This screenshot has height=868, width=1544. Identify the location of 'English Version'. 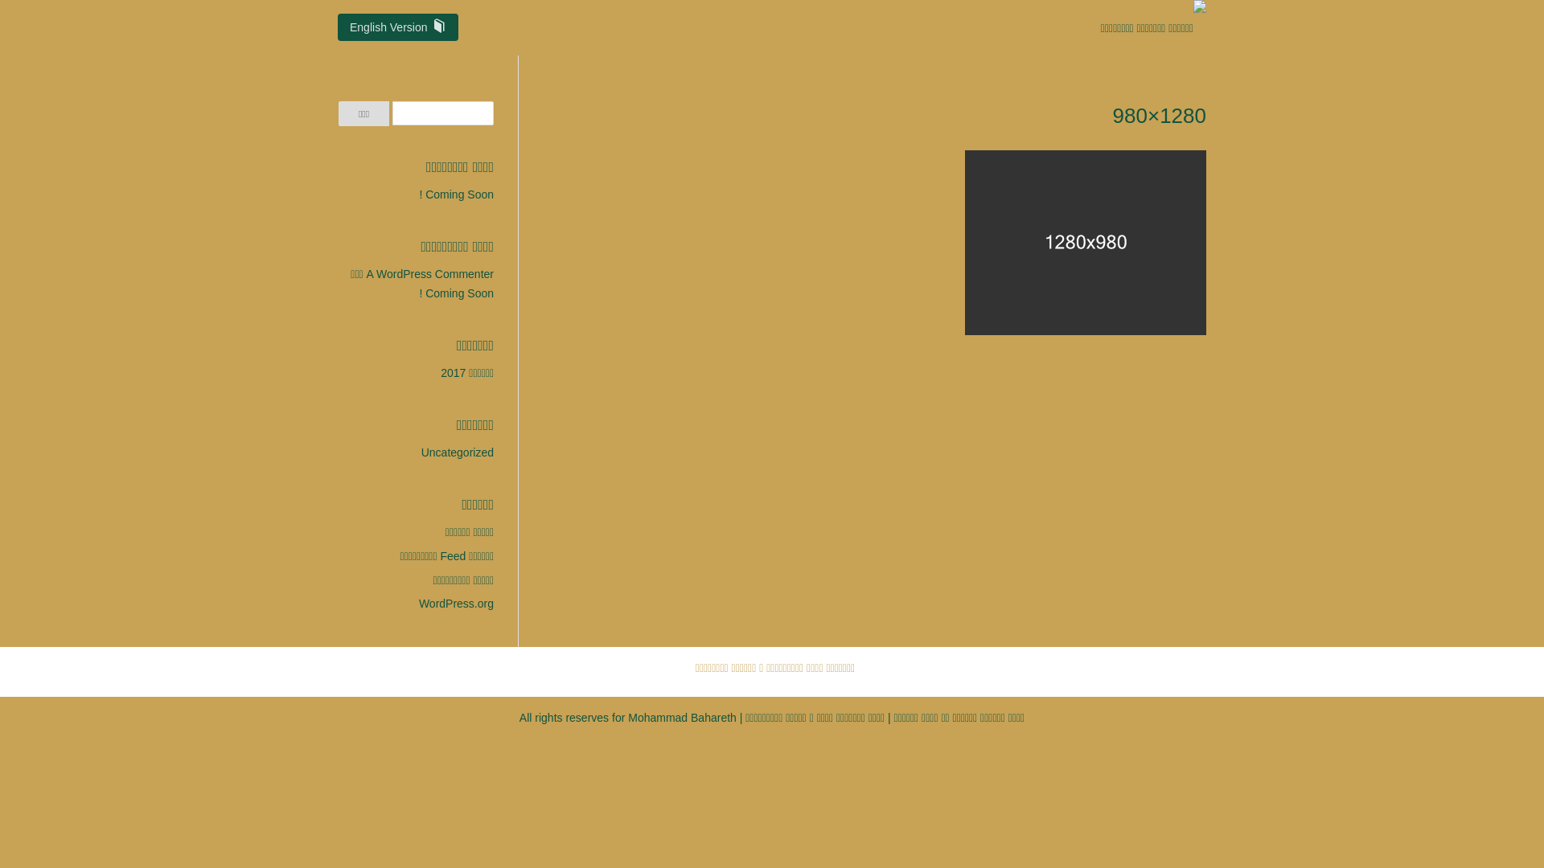
(397, 27).